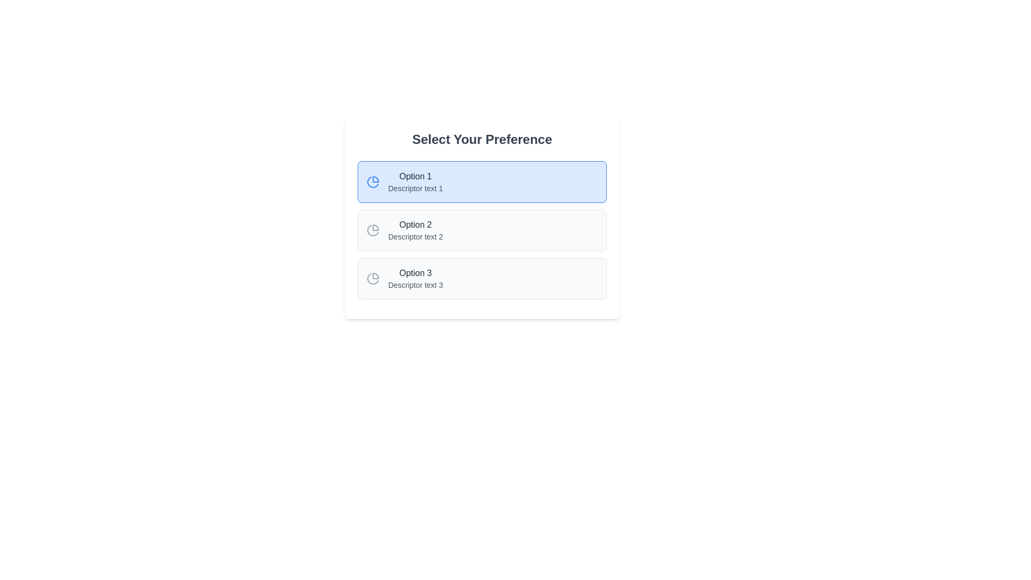 The image size is (1031, 580). What do you see at coordinates (415, 278) in the screenshot?
I see `the 'Option 3' text block within the selectable list item` at bounding box center [415, 278].